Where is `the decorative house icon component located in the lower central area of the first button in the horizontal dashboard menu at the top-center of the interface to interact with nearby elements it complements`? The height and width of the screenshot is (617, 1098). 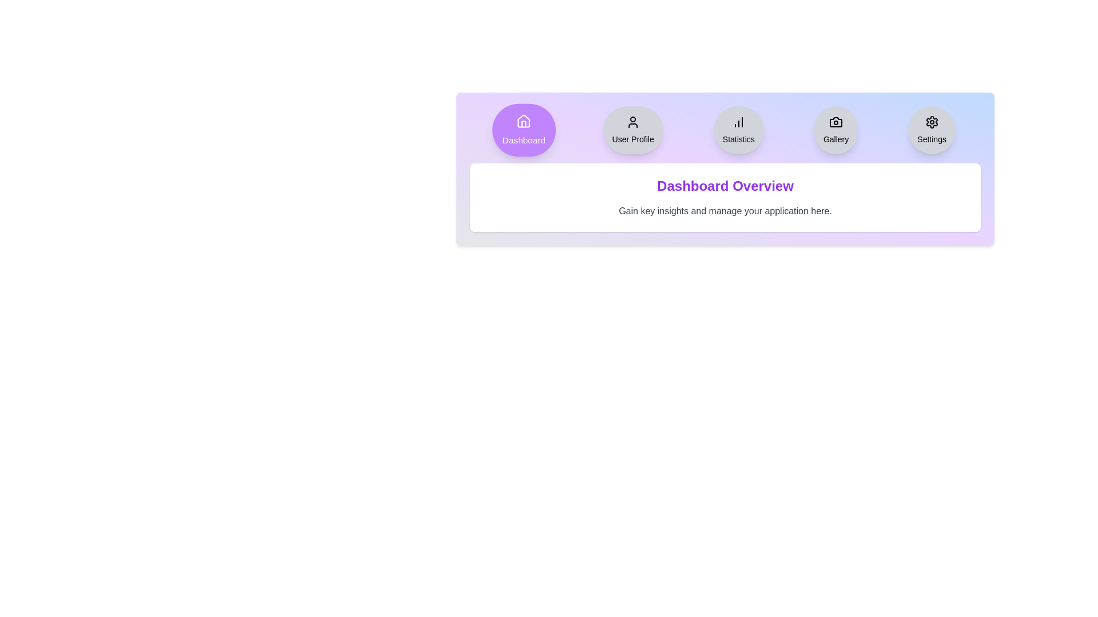
the decorative house icon component located in the lower central area of the first button in the horizontal dashboard menu at the top-center of the interface to interact with nearby elements it complements is located at coordinates (523, 124).